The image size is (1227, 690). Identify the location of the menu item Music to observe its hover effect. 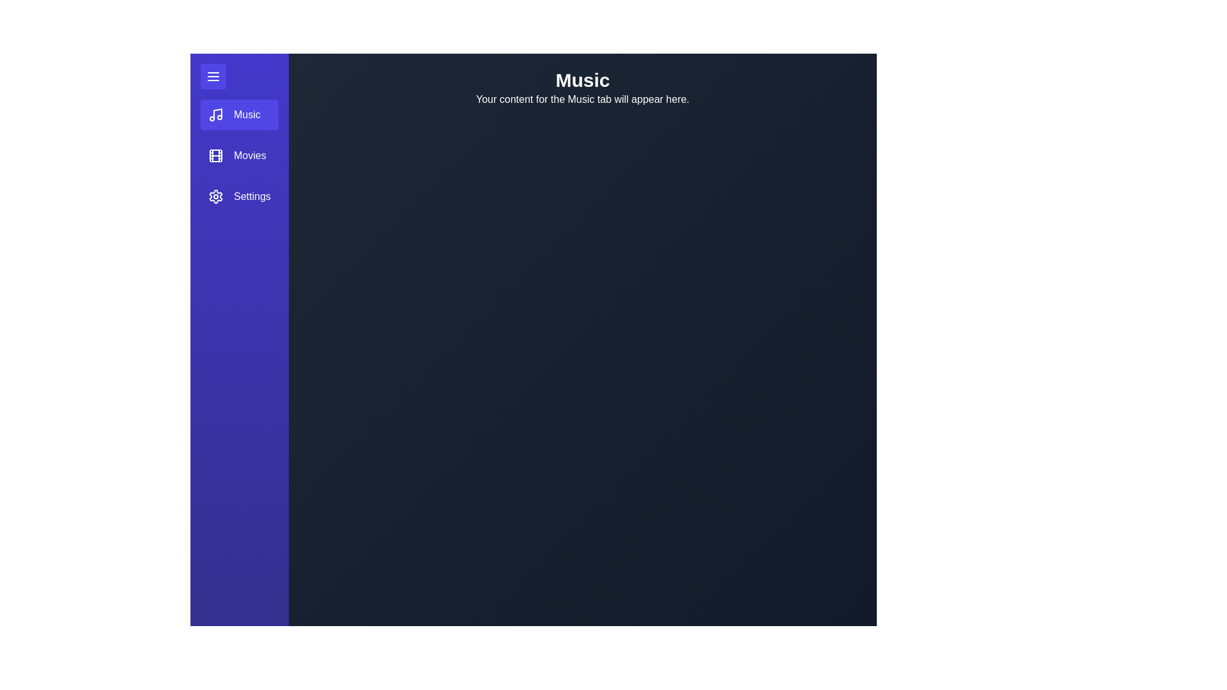
(239, 115).